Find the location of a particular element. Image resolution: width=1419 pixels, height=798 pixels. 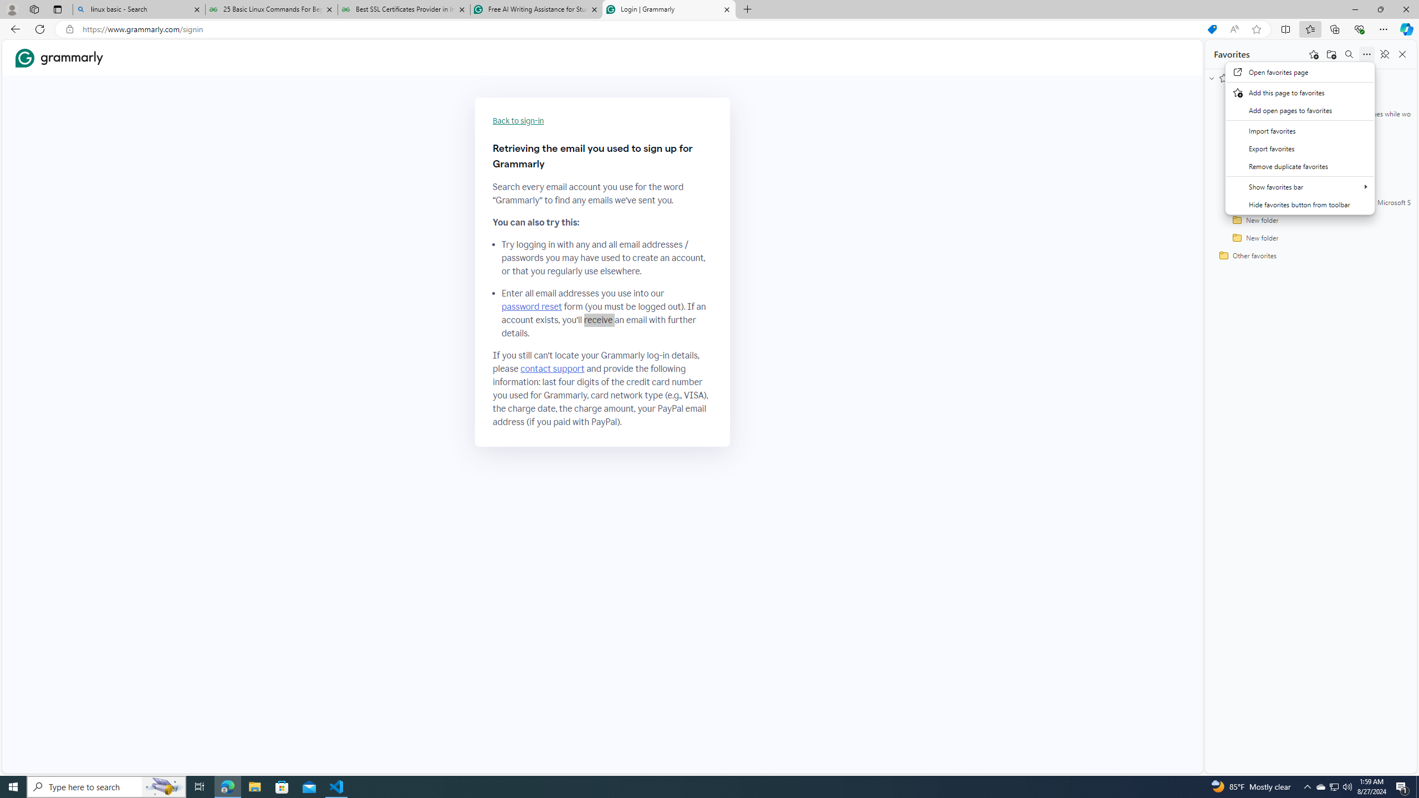

'contact support' is located at coordinates (552, 369).